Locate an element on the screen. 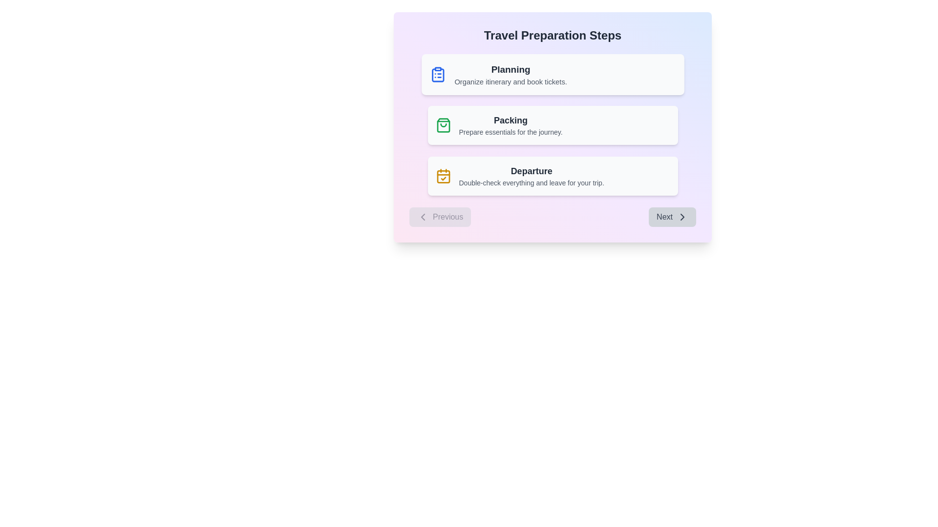 Image resolution: width=938 pixels, height=527 pixels. the text label with the heading 'Planning' that describes itinerary organization and ticket booking, prominently styled and located at the top of the list in the Travel Preparation Steps section is located at coordinates (510, 74).